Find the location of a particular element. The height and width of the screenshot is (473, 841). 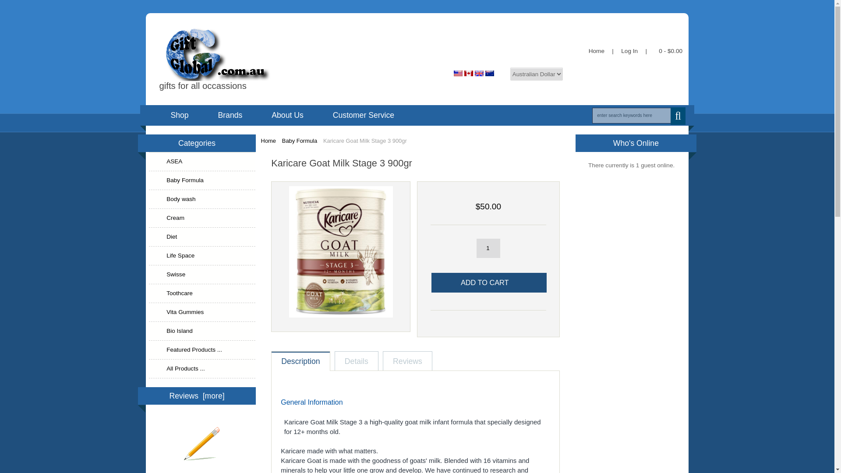

'Cream is located at coordinates (201, 218).